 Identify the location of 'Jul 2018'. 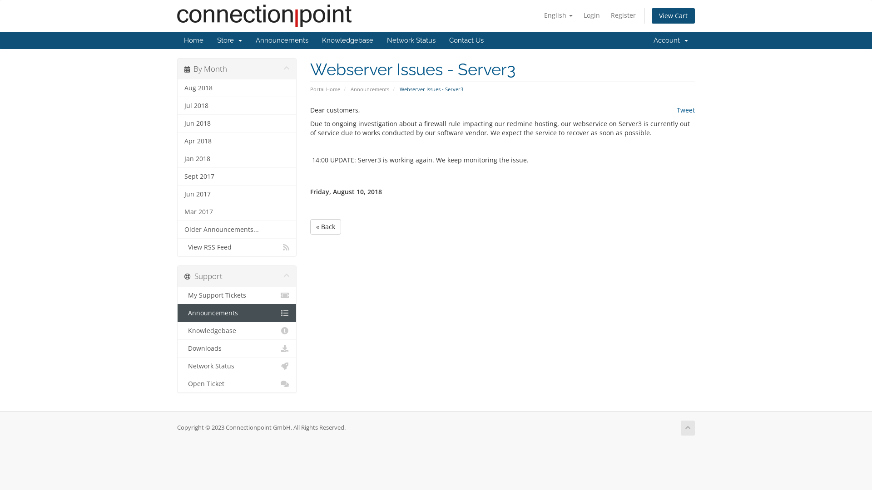
(237, 105).